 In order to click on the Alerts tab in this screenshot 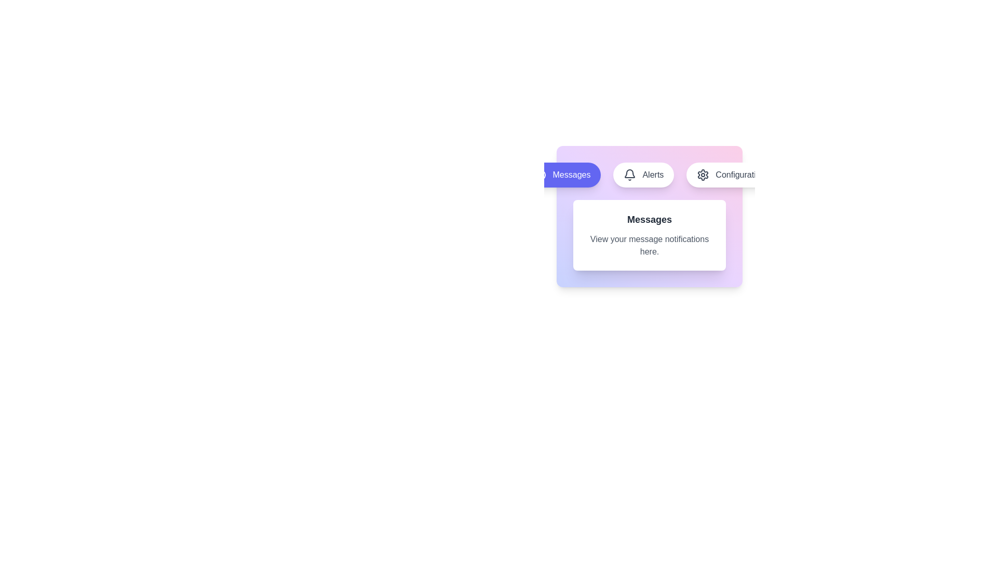, I will do `click(643, 174)`.